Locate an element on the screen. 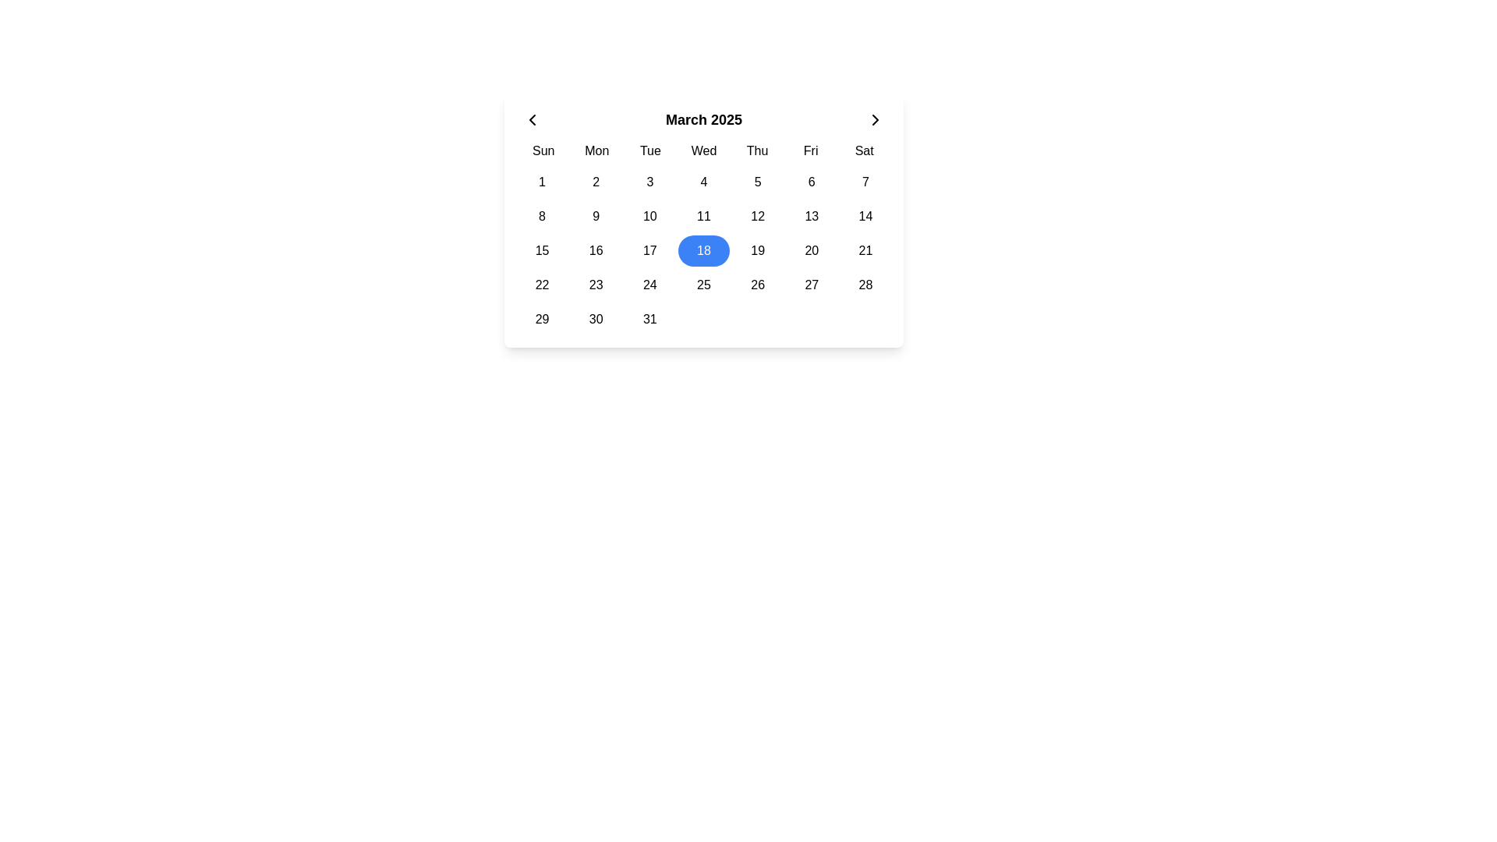 This screenshot has width=1497, height=842. the circular button labeled '12' in the calendar grid is located at coordinates (757, 216).